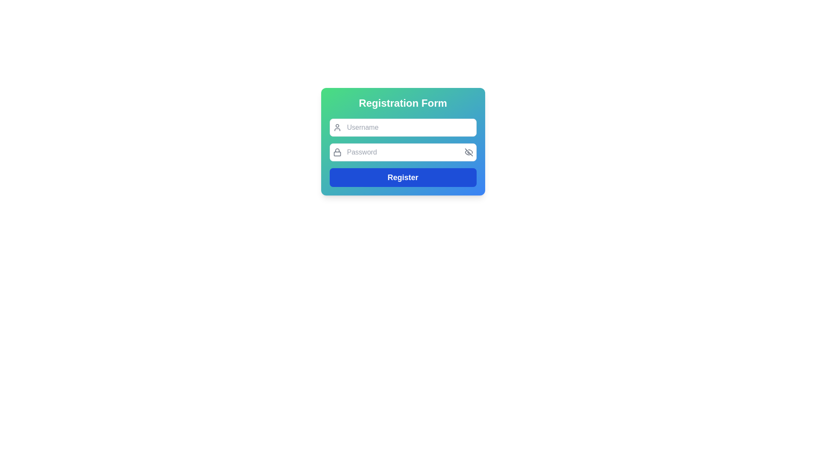 The width and height of the screenshot is (820, 461). Describe the element at coordinates (337, 128) in the screenshot. I see `the small user icon, which is an outline of a person, positioned to the left of the 'Username' input box` at that location.